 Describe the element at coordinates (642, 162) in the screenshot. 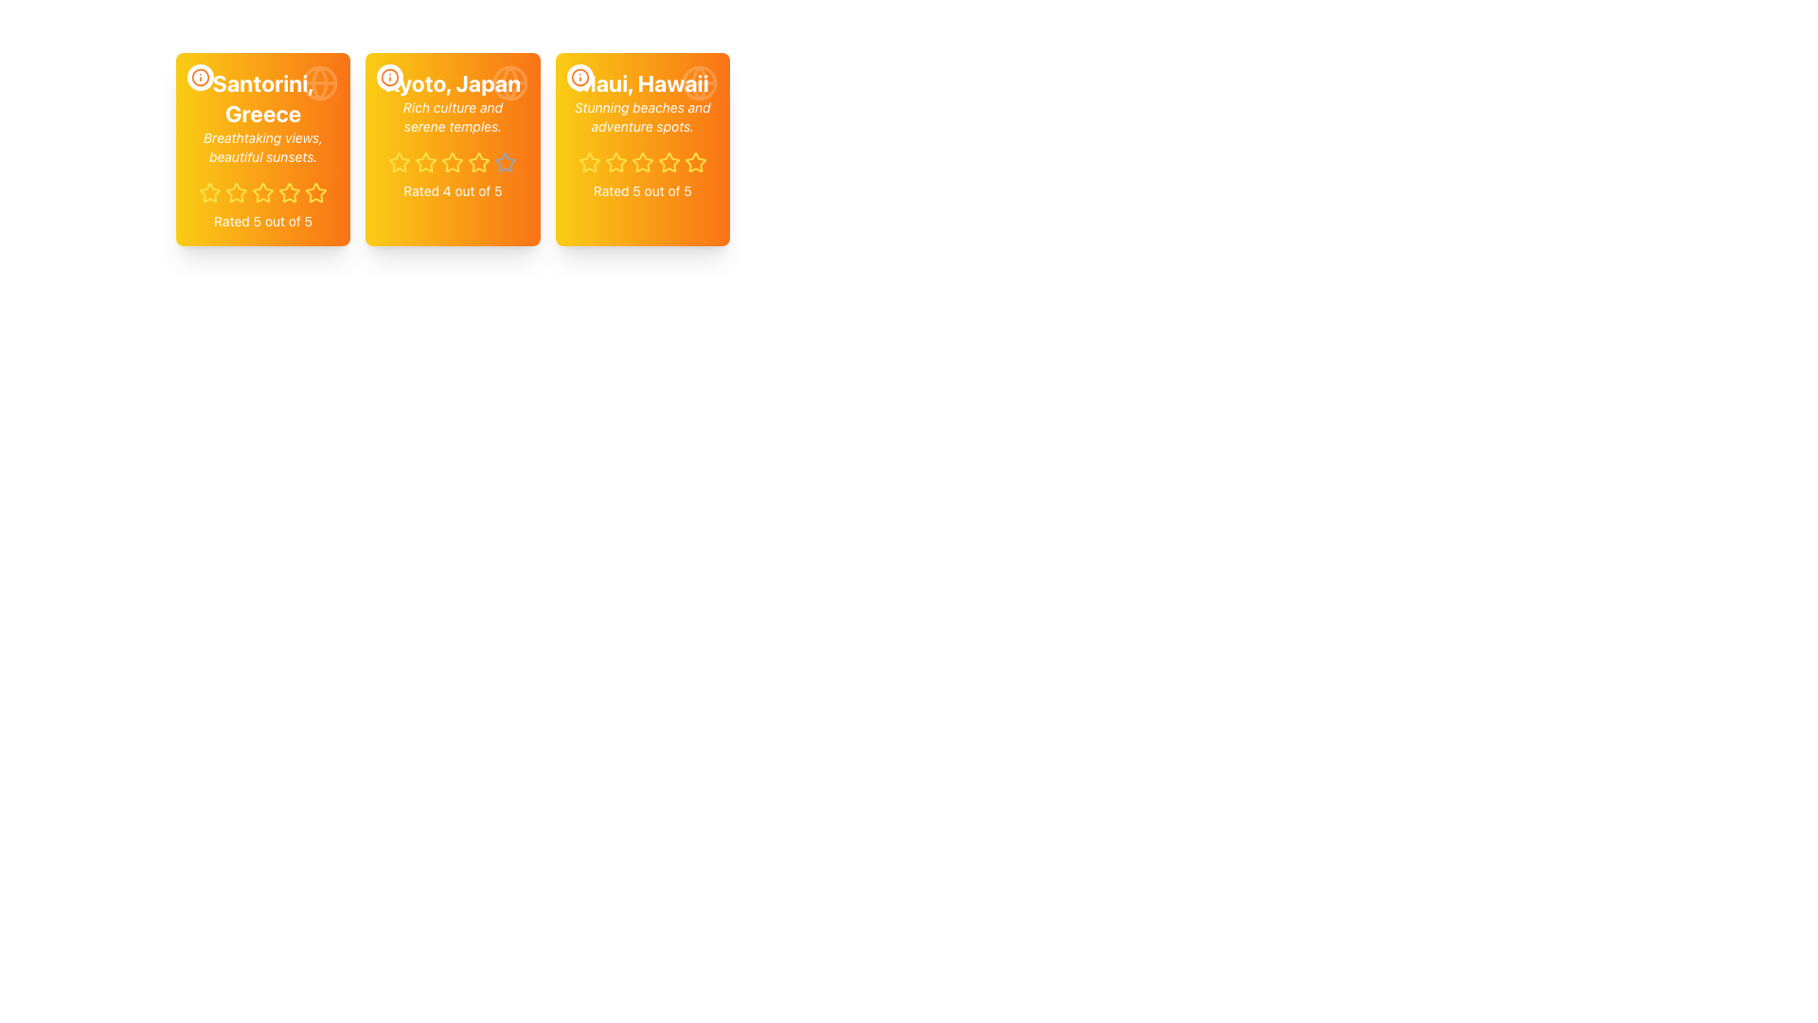

I see `the fourth star-shaped icon with a yellow outline in the rating system below the card labeled 'Maui, Hawaii.'` at that location.